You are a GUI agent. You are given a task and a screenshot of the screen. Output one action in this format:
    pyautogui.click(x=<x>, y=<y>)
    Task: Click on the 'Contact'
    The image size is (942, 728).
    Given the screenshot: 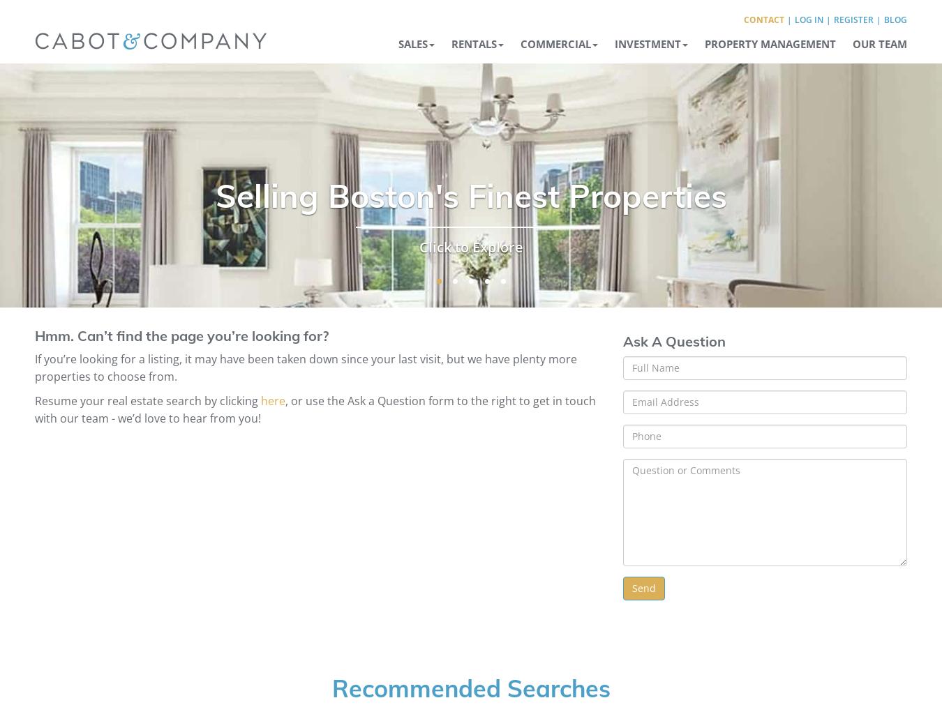 What is the action you would take?
    pyautogui.click(x=763, y=19)
    